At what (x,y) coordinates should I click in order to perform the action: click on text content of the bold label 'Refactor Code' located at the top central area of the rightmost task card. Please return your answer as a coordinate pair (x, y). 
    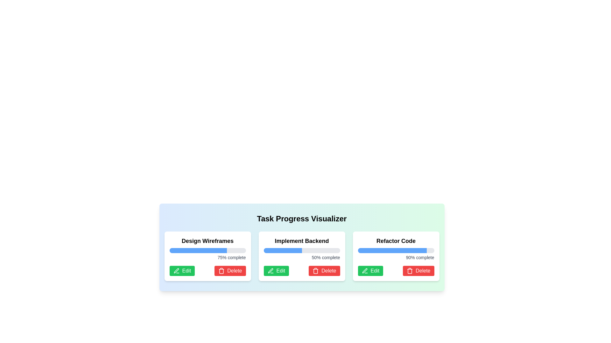
    Looking at the image, I should click on (396, 241).